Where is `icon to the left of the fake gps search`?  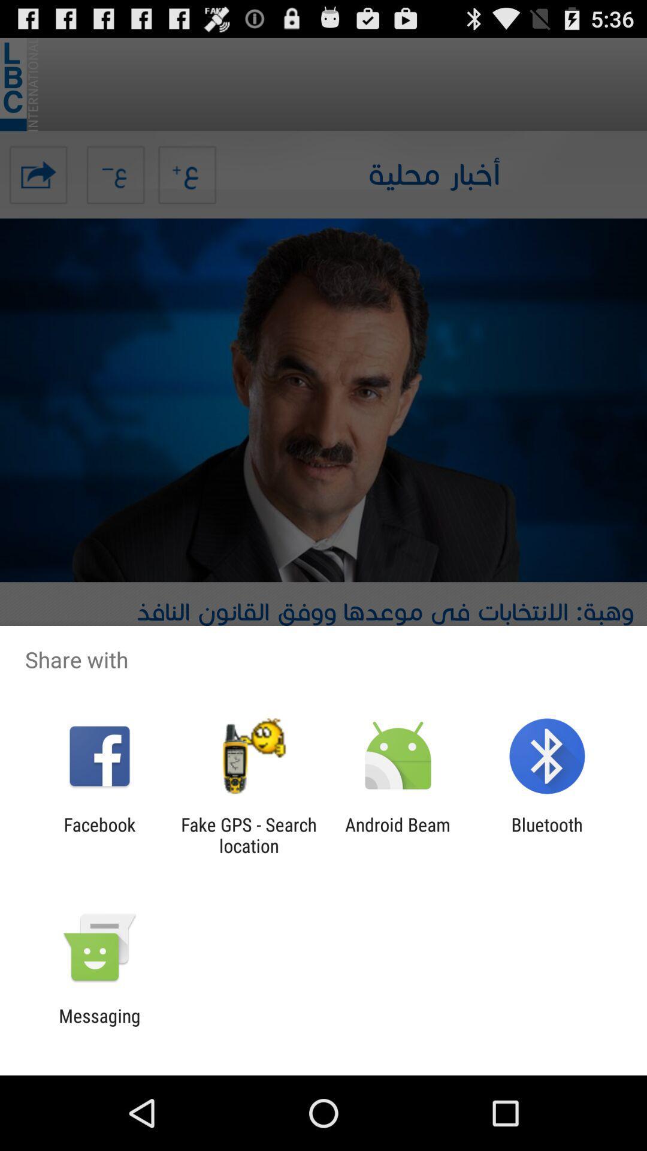 icon to the left of the fake gps search is located at coordinates (99, 834).